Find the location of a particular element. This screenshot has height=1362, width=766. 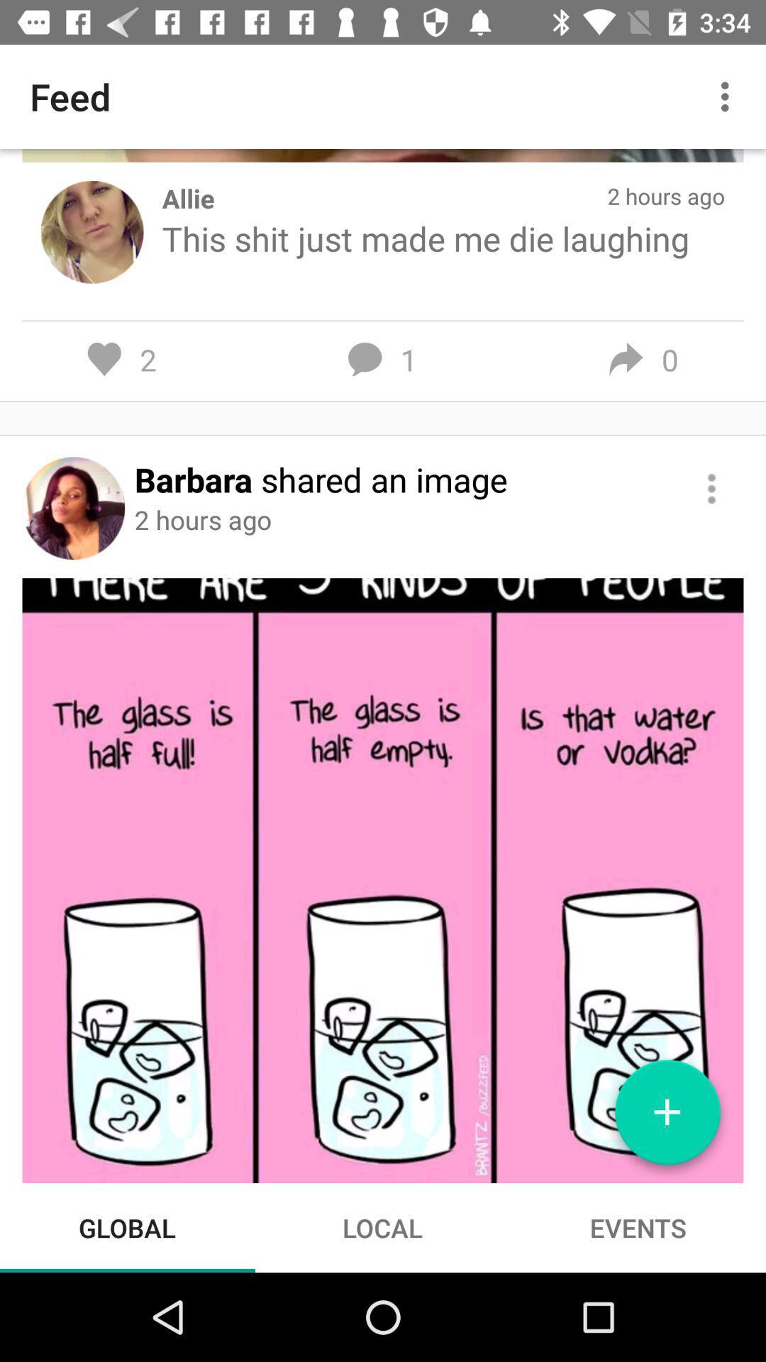

icon to the right of the barbara shared an is located at coordinates (711, 489).